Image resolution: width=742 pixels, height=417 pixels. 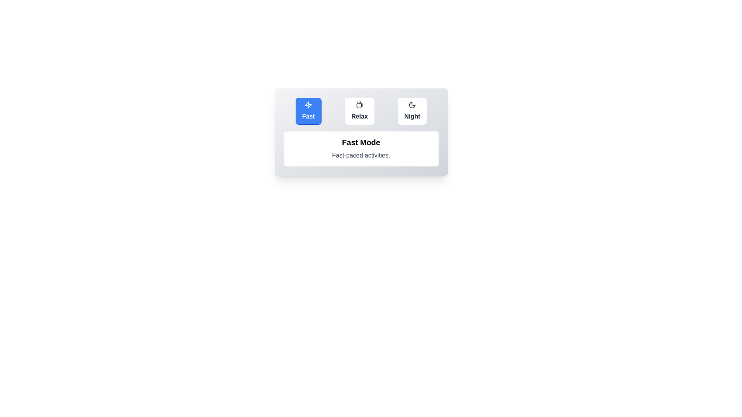 What do you see at coordinates (412, 105) in the screenshot?
I see `the 'Night' mode icon, which is the third option in the mode selection interface` at bounding box center [412, 105].